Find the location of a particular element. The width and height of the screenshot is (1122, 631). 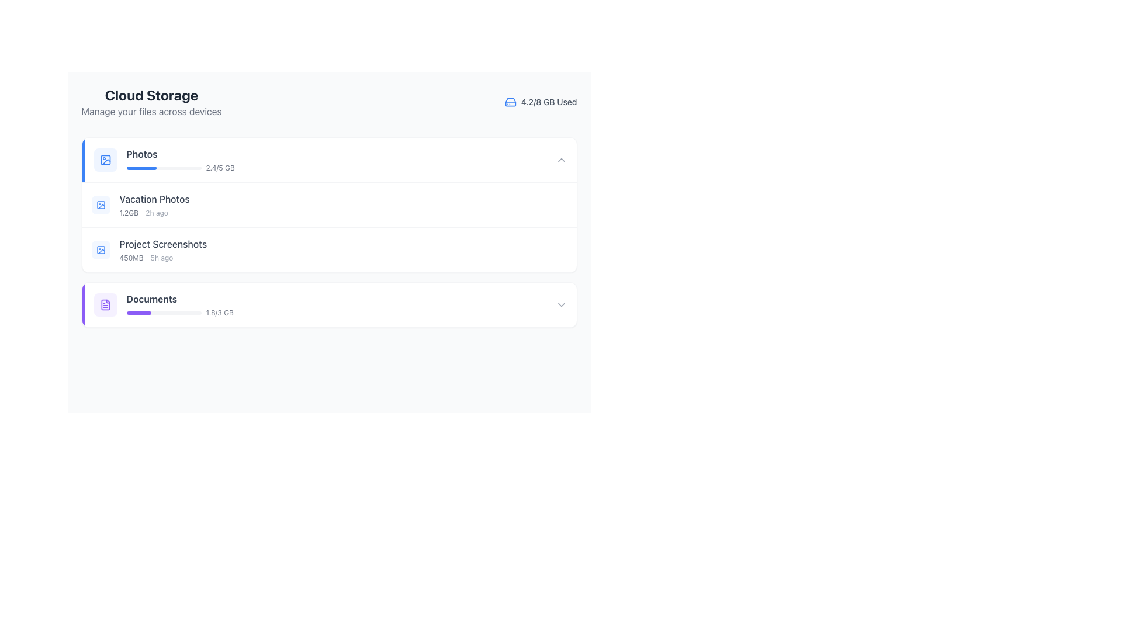

the appearance of the 'Documents' icon located at the far-left of the row labeled 'Documents' is located at coordinates (105, 304).